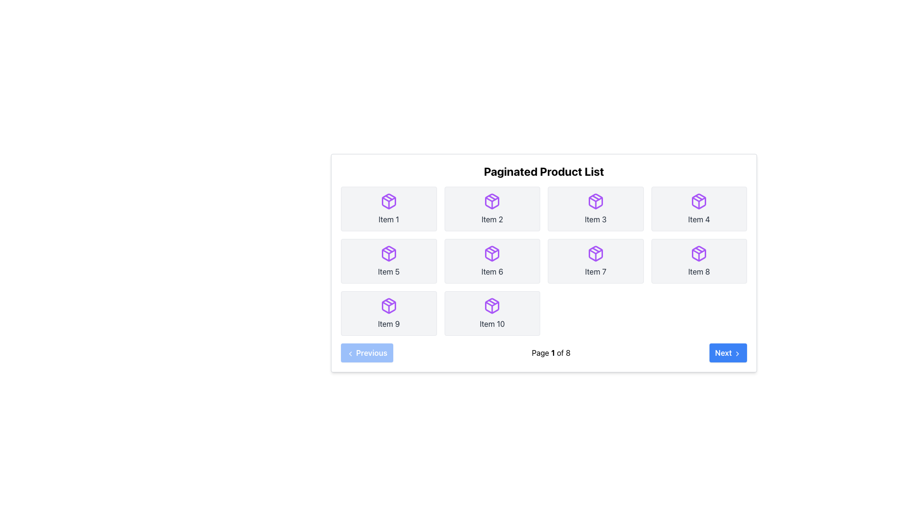 The height and width of the screenshot is (513, 913). Describe the element at coordinates (492, 313) in the screenshot. I see `the grid item card in the bottom-right corner of the grid, which features a purple package icon and the text 'Item 10'` at that location.